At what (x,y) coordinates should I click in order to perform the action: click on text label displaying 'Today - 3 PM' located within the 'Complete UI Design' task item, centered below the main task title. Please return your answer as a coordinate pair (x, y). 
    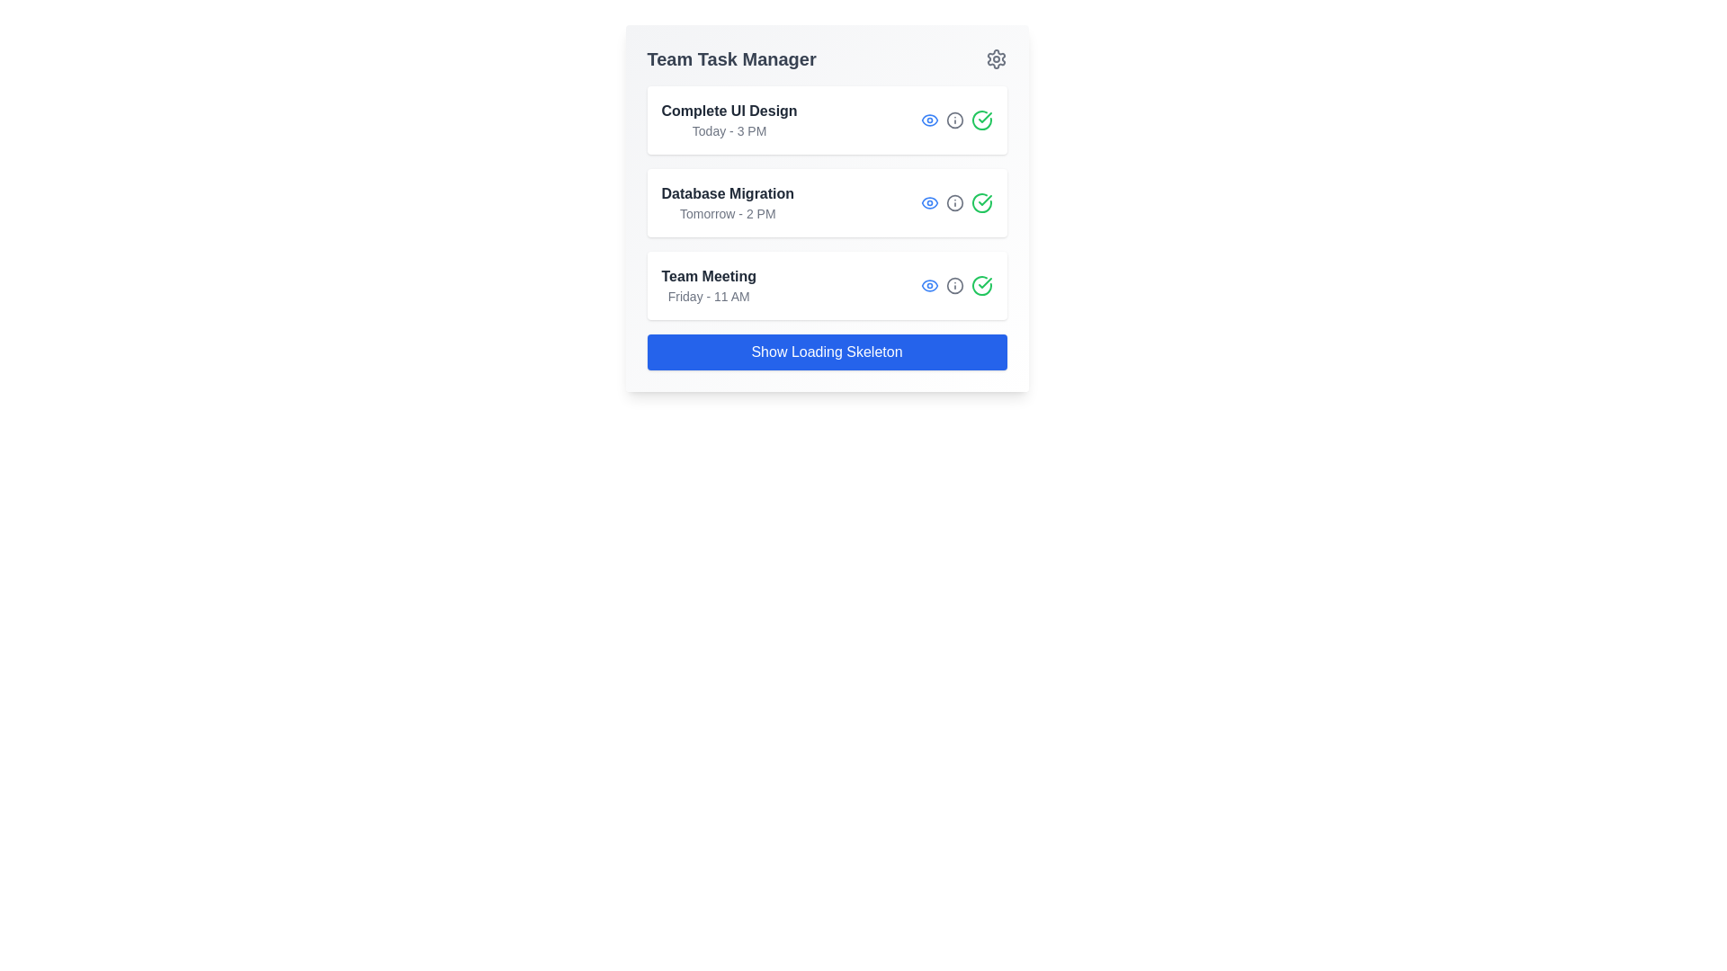
    Looking at the image, I should click on (729, 130).